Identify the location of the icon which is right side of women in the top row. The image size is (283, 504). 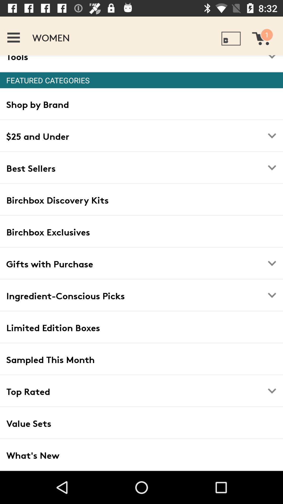
(231, 38).